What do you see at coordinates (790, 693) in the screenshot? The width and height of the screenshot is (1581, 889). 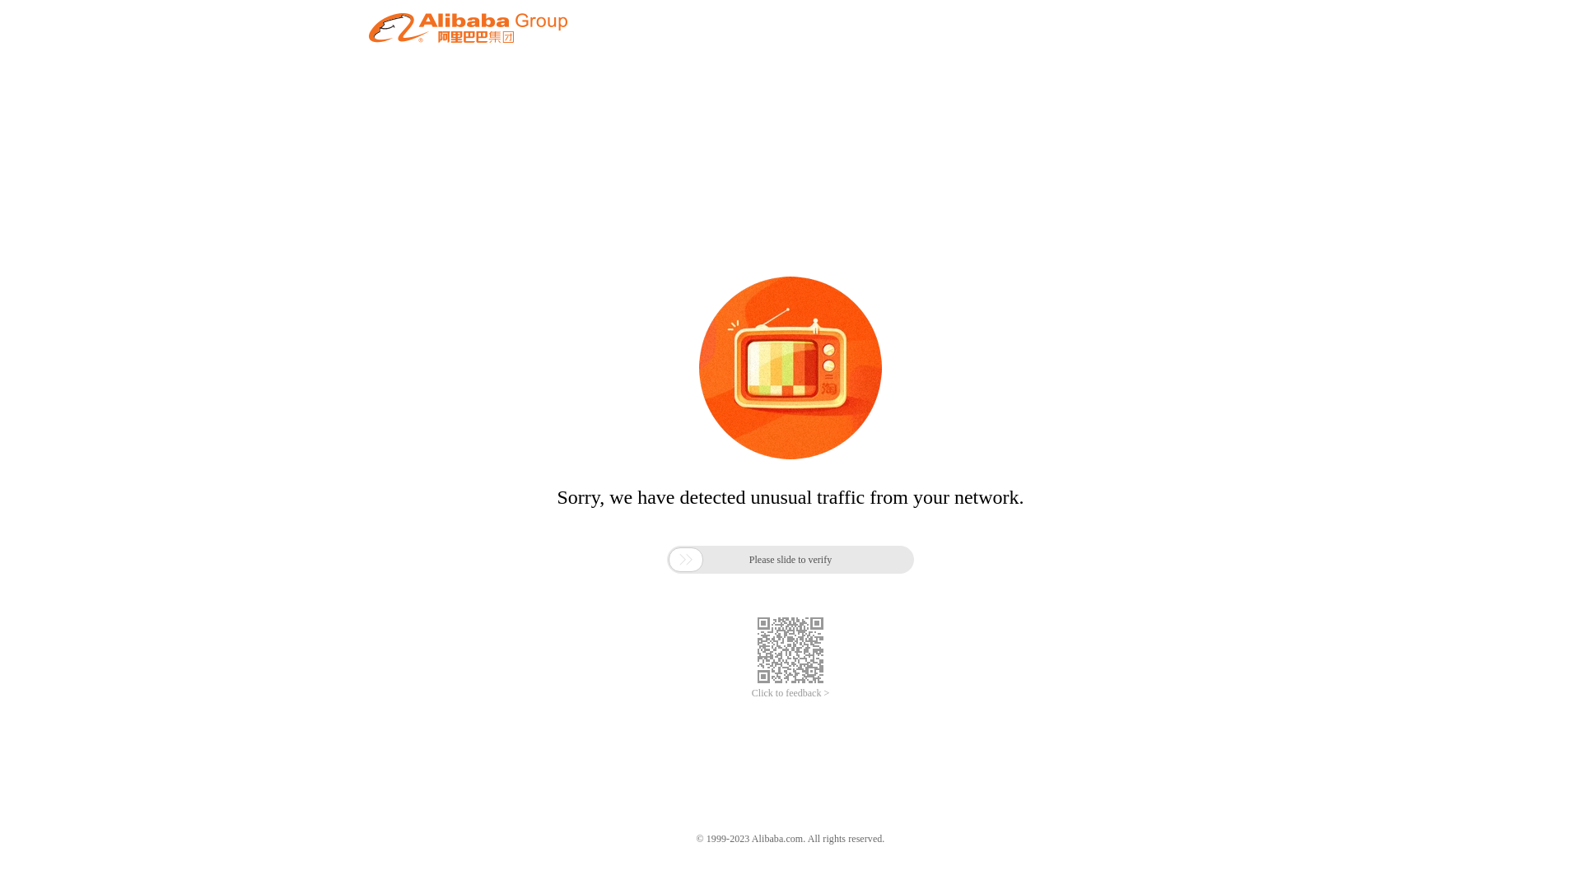 I see `'Click to feedback >'` at bounding box center [790, 693].